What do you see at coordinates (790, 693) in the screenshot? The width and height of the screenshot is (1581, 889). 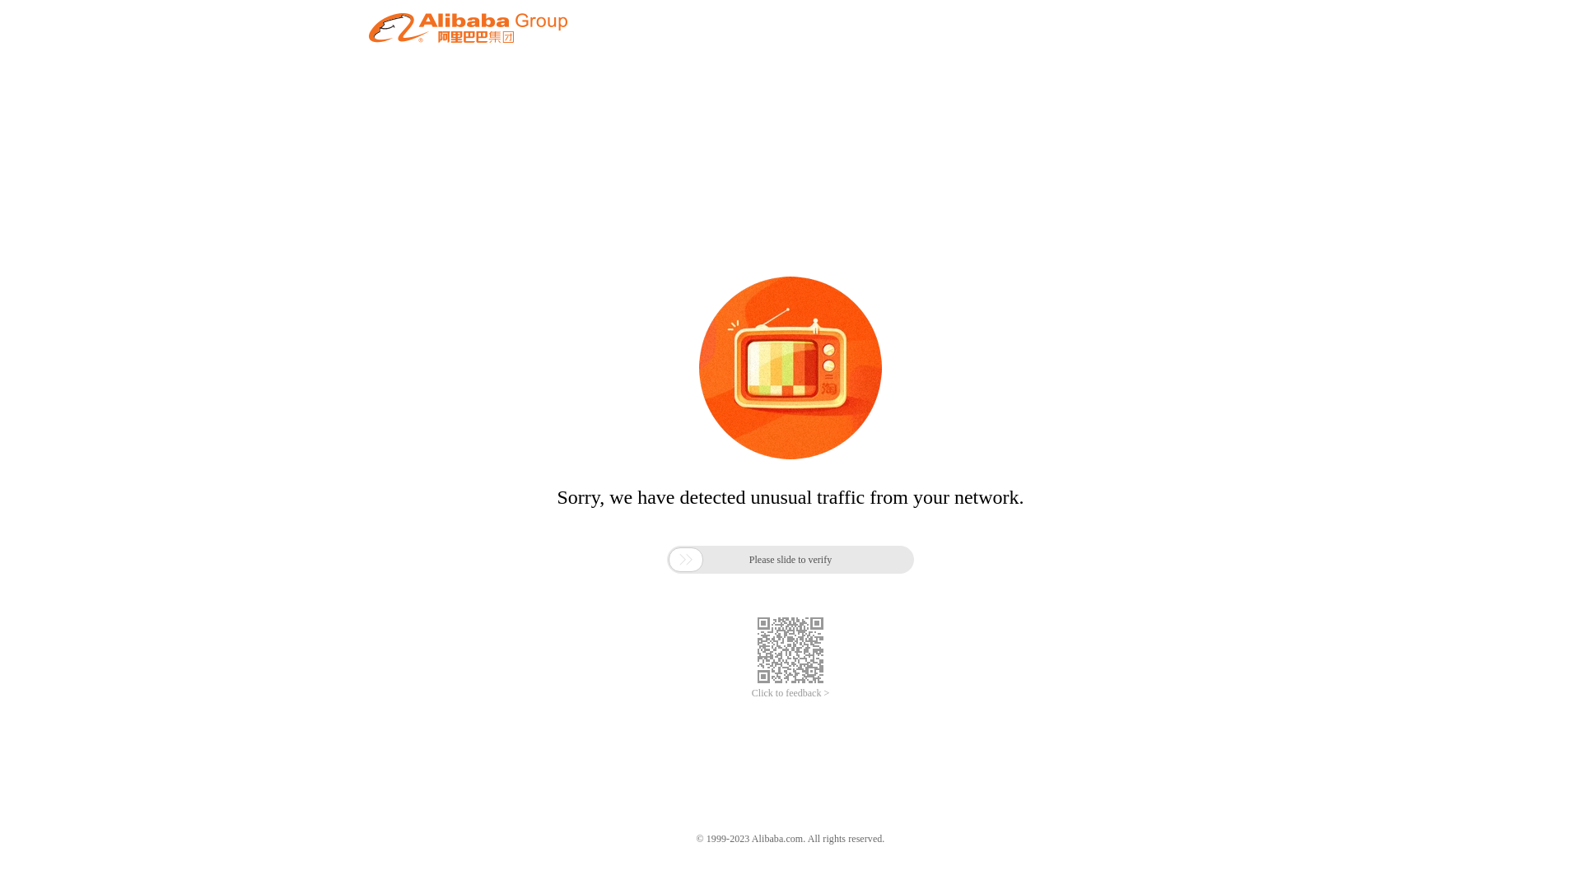 I see `'Click to feedback >'` at bounding box center [790, 693].